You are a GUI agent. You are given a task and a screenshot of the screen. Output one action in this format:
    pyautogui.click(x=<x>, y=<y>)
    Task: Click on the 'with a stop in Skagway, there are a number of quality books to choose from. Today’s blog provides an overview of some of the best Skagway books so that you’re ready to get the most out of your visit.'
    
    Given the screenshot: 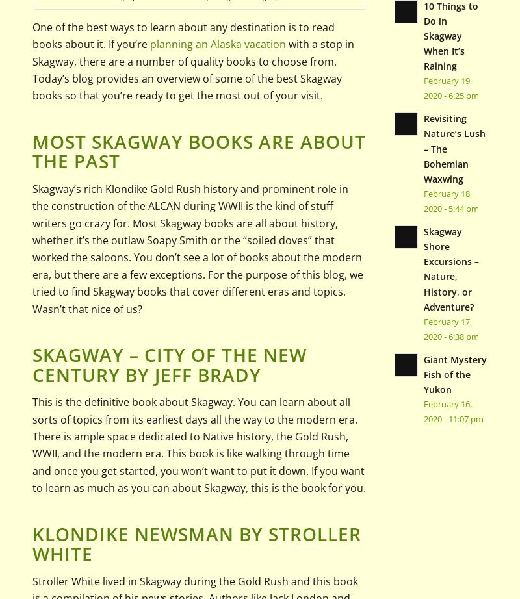 What is the action you would take?
    pyautogui.click(x=32, y=70)
    